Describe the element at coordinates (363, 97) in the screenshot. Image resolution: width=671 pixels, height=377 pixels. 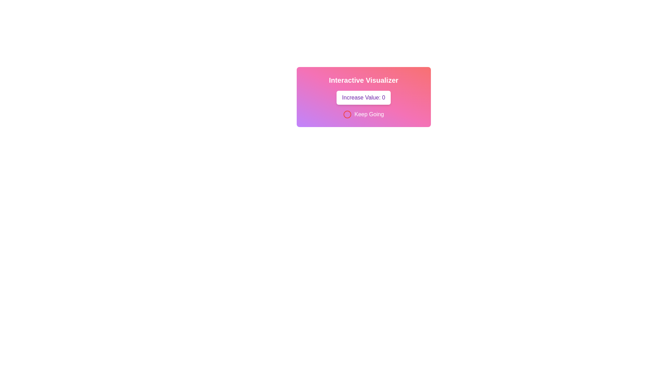
I see `the interactive widget that displays and modifies a value` at that location.